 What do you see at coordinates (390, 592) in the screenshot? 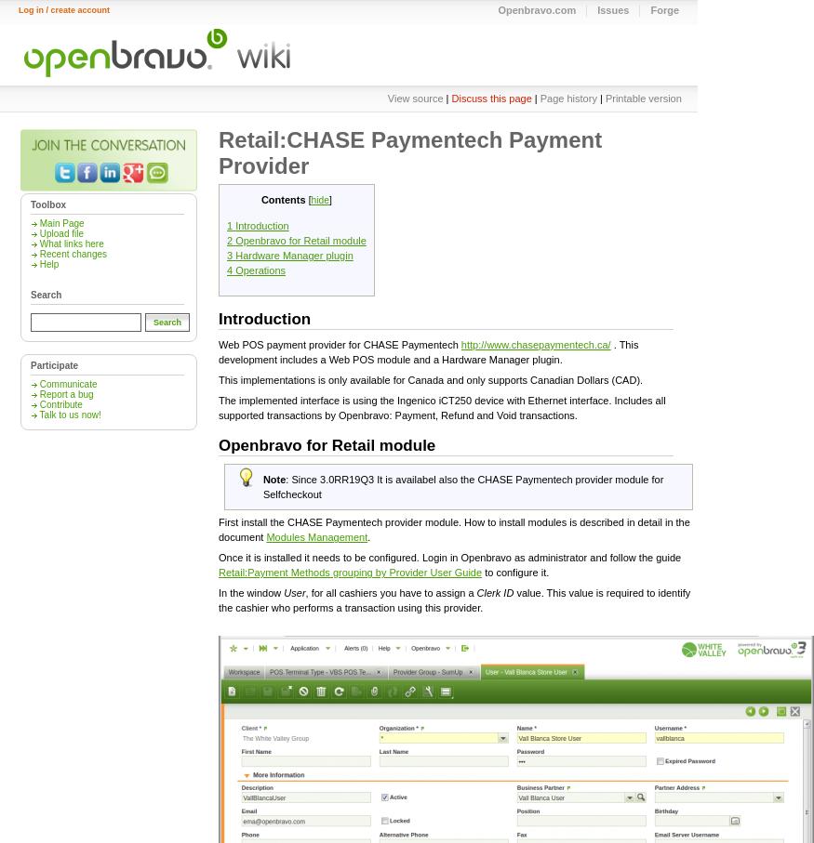
I see `', for all cashiers you have to assign a'` at bounding box center [390, 592].